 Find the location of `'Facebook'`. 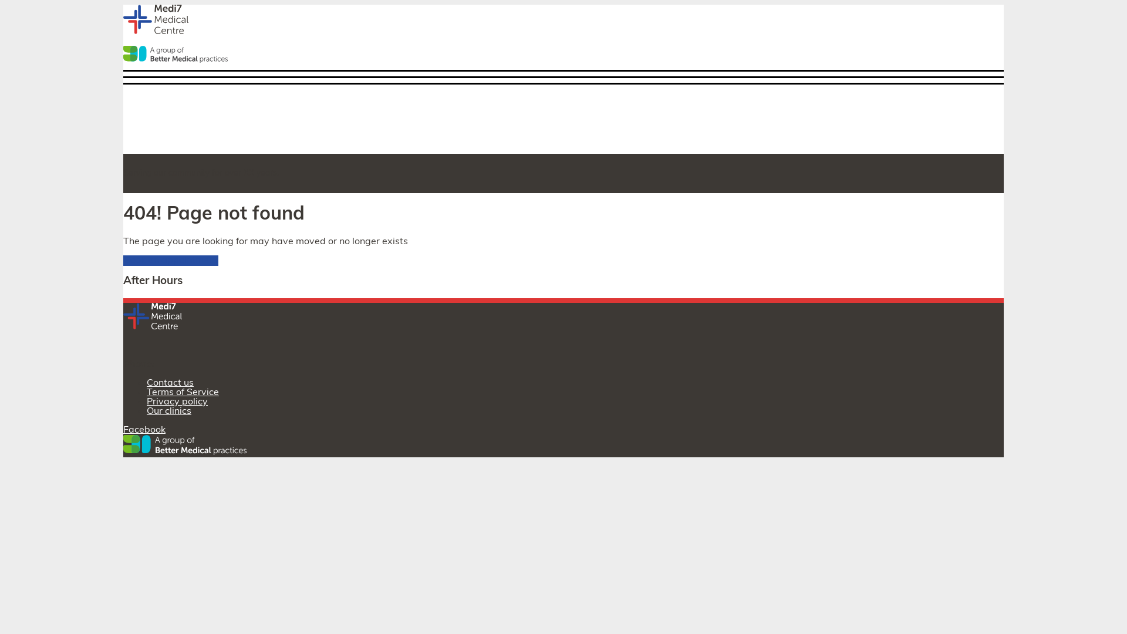

'Facebook' is located at coordinates (143, 430).